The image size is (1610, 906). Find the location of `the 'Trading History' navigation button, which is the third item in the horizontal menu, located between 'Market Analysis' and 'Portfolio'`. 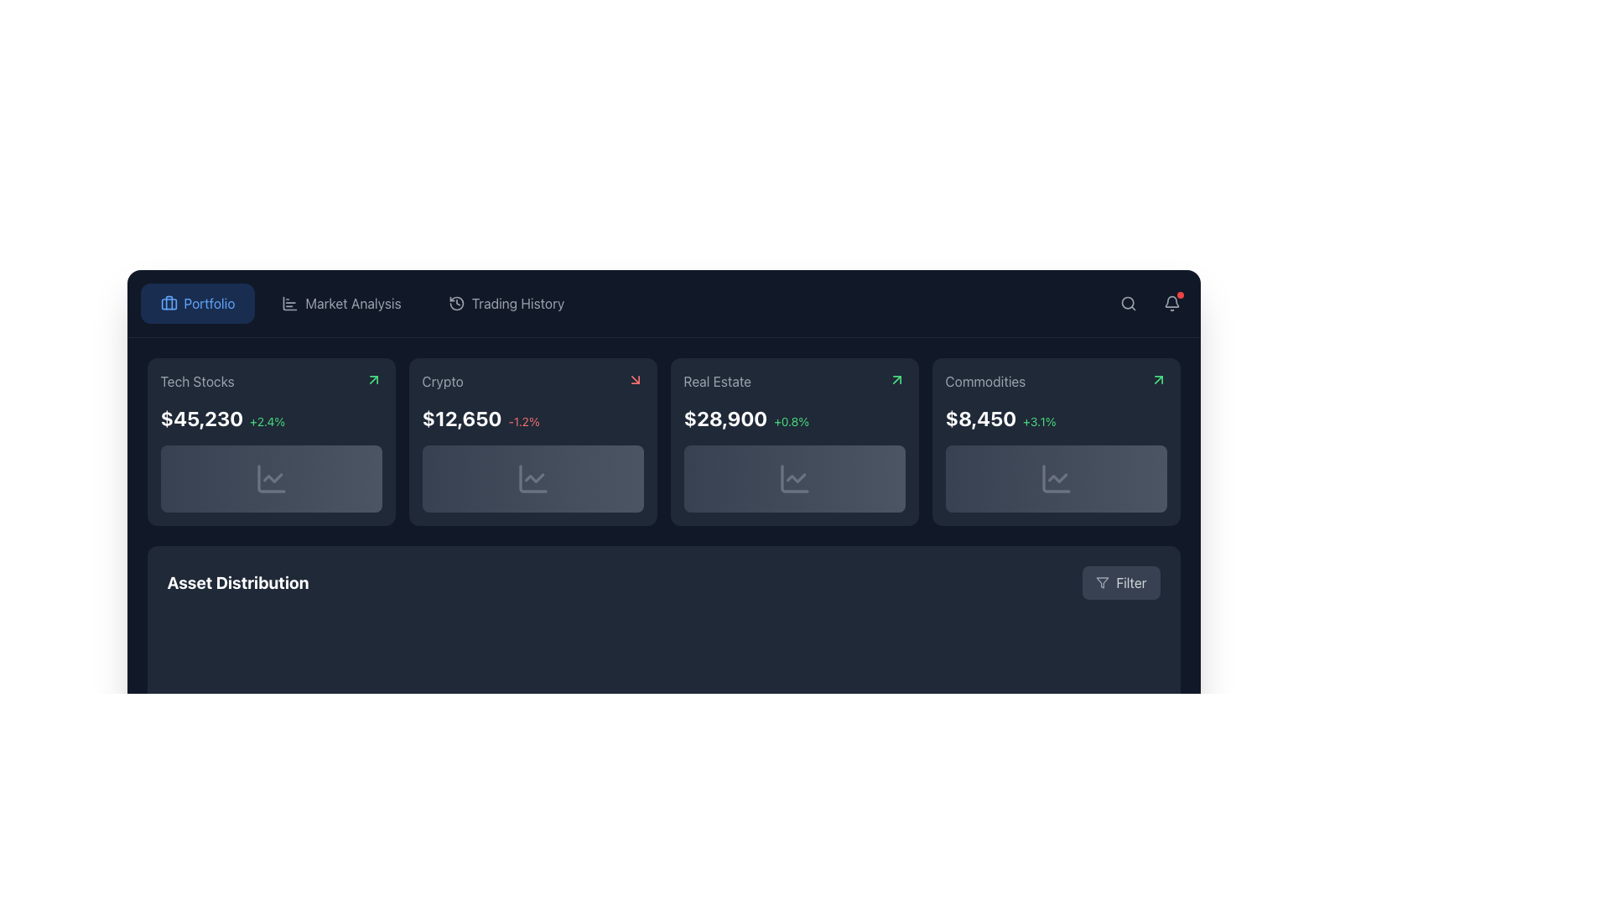

the 'Trading History' navigation button, which is the third item in the horizontal menu, located between 'Market Analysis' and 'Portfolio' is located at coordinates (506, 304).